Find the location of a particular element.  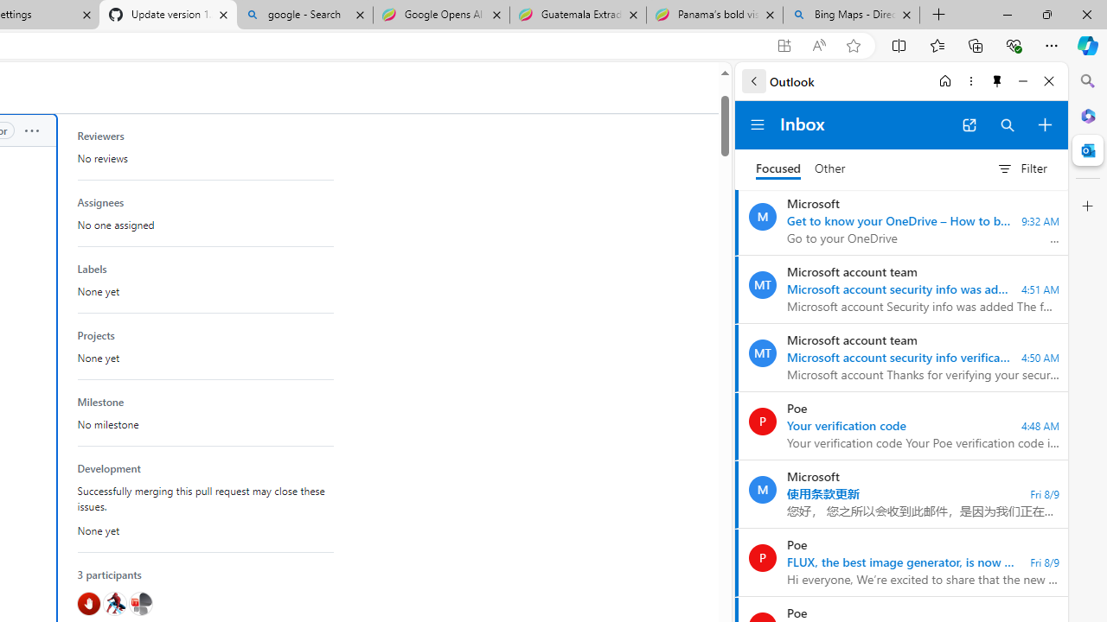

'Focused Inbox, toggle to go to Other Inbox' is located at coordinates (800, 168).